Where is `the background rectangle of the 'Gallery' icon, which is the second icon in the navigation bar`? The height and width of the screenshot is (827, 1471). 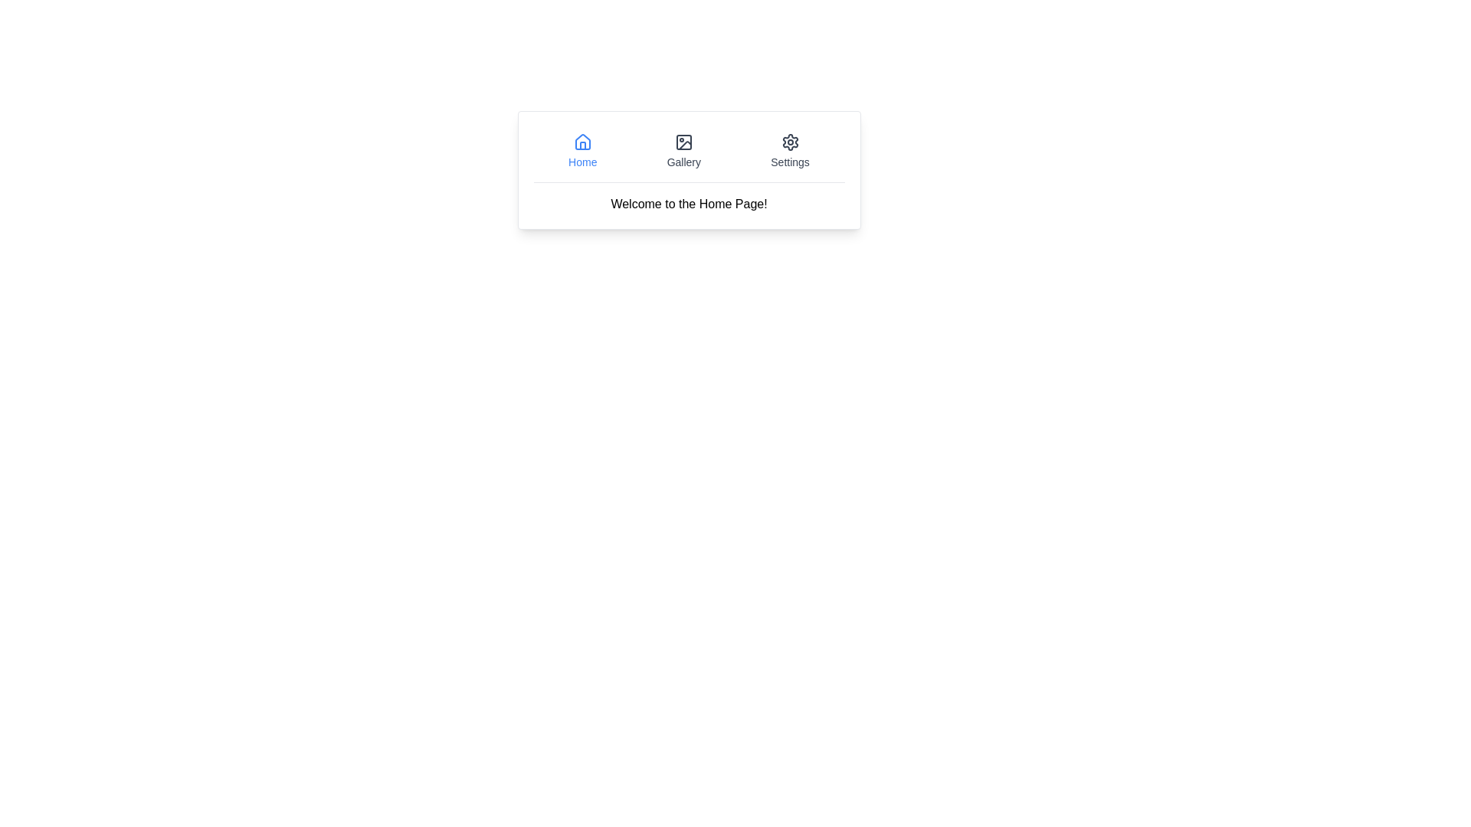 the background rectangle of the 'Gallery' icon, which is the second icon in the navigation bar is located at coordinates (683, 142).